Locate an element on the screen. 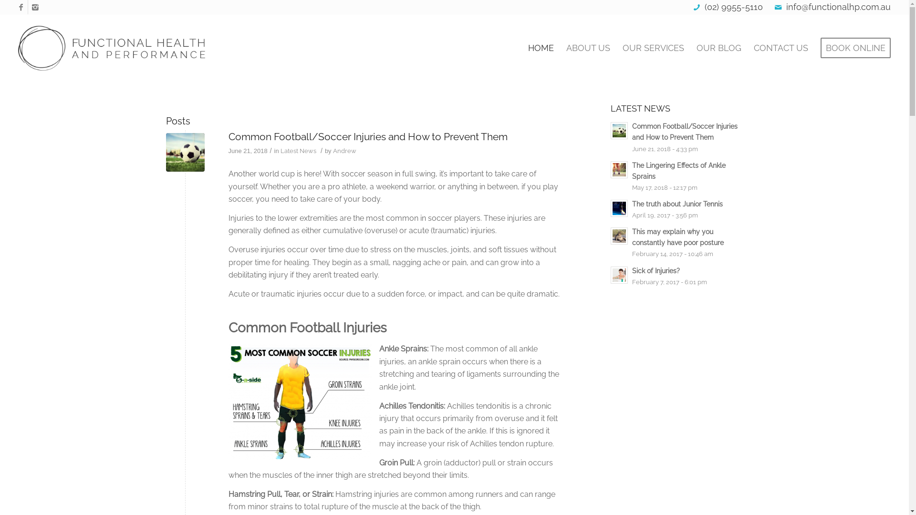  'Andrew' is located at coordinates (344, 150).